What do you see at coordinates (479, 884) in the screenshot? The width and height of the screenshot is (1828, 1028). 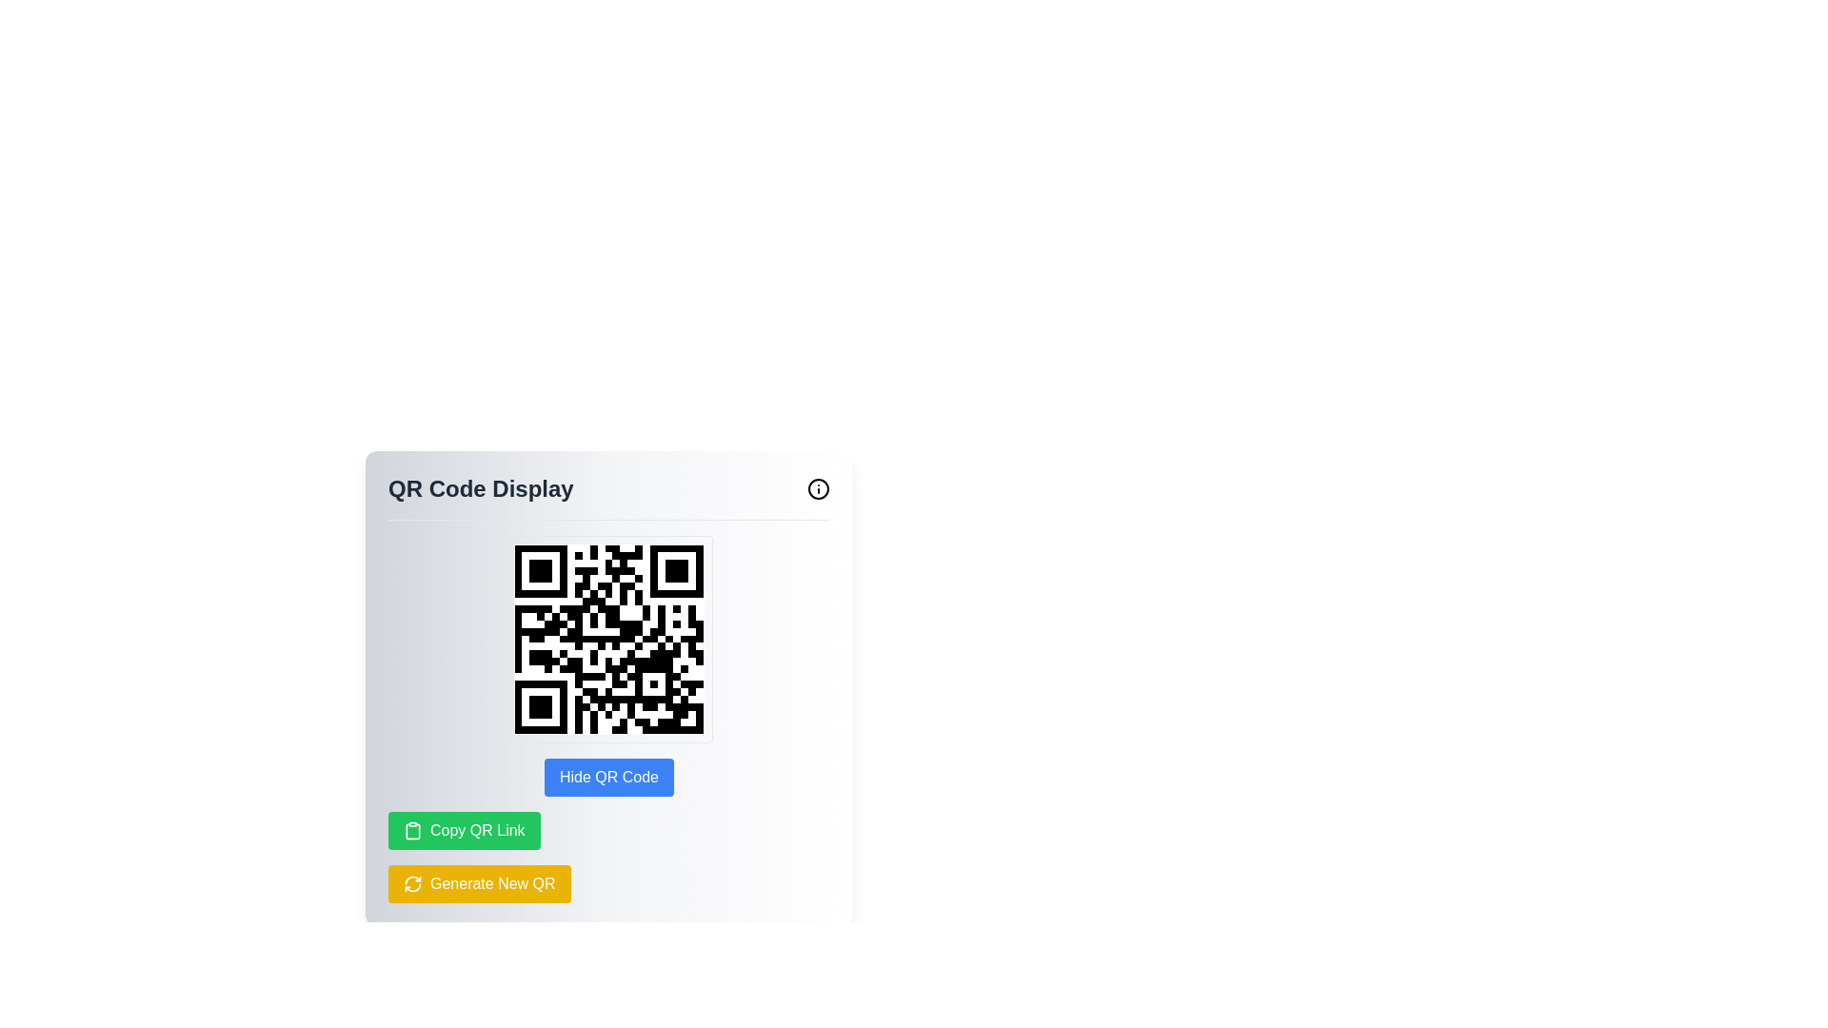 I see `the 'Generate New QR Code' button located at the bottom of the 'QR Code Display' section to observe the visual hover effect` at bounding box center [479, 884].